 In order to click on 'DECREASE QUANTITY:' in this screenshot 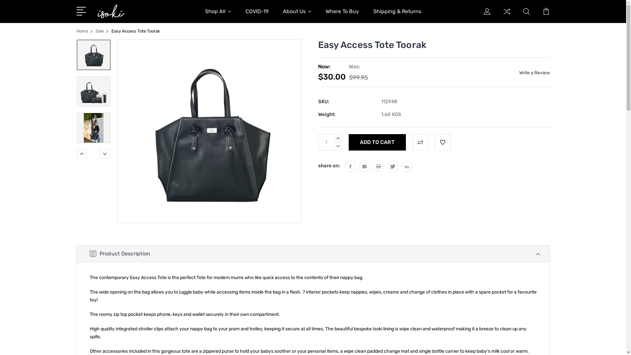, I will do `click(338, 146)`.